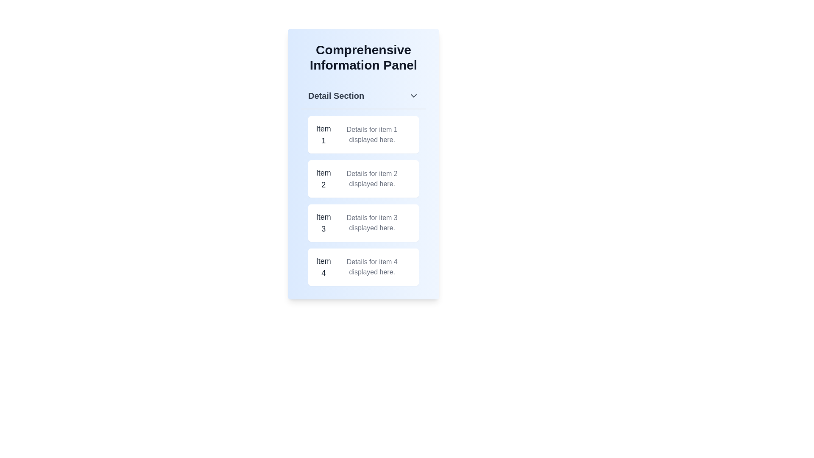  Describe the element at coordinates (372, 222) in the screenshot. I see `descriptive text located to the right of the title 'Item 3' in the third list item` at that location.